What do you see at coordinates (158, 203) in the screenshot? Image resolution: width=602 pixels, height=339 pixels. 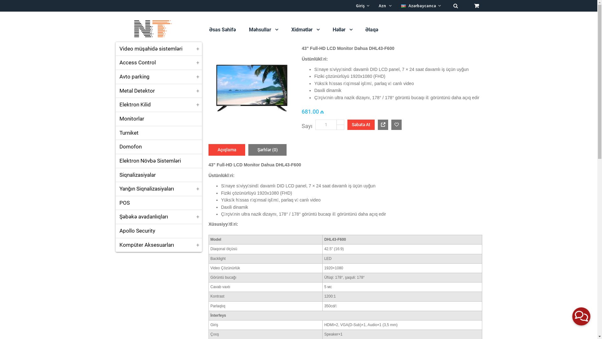 I see `'POS'` at bounding box center [158, 203].